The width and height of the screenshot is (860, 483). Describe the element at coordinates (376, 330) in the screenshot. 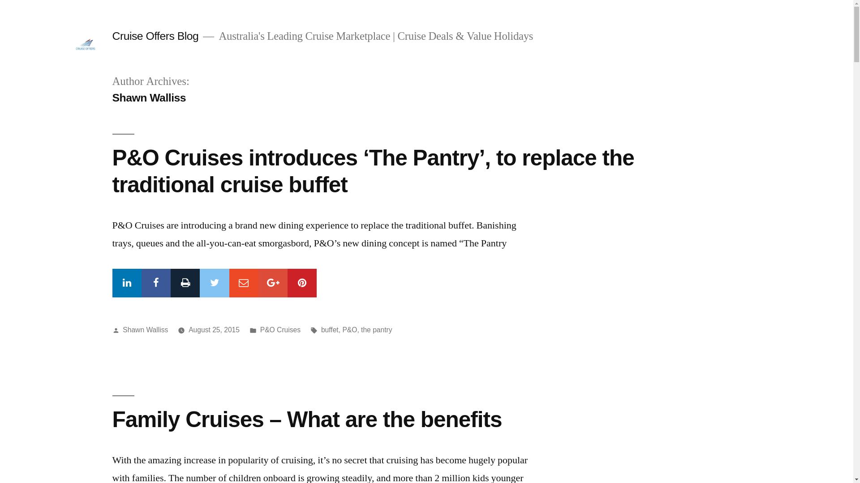

I see `'the pantry'` at that location.